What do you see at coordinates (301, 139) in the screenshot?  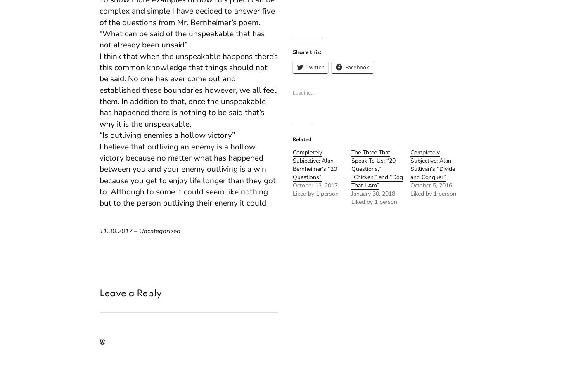 I see `'Related'` at bounding box center [301, 139].